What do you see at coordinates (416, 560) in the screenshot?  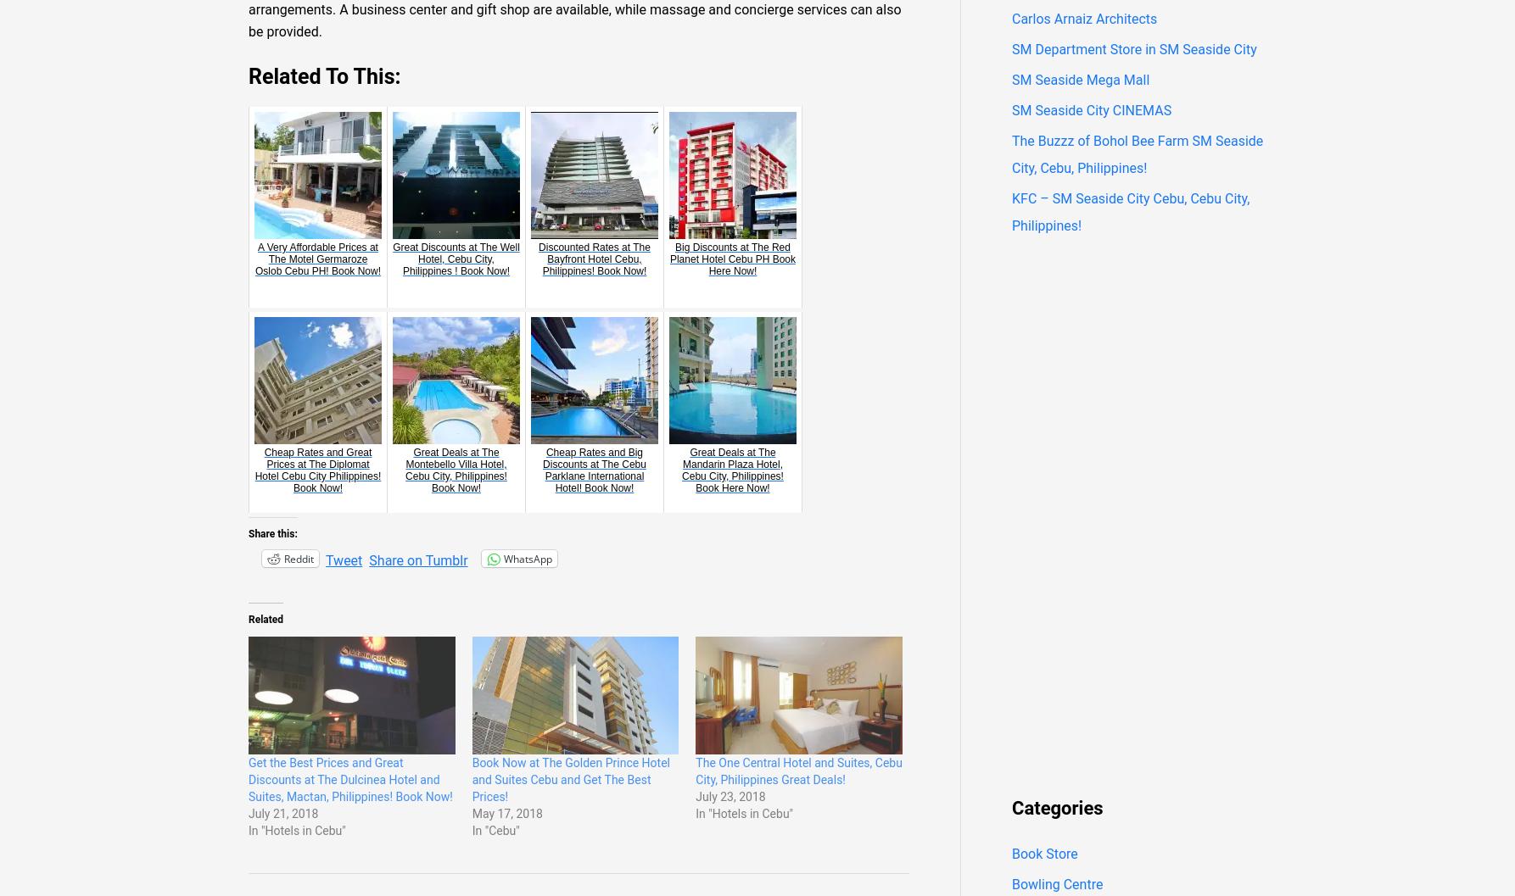 I see `'Share on Tumblr'` at bounding box center [416, 560].